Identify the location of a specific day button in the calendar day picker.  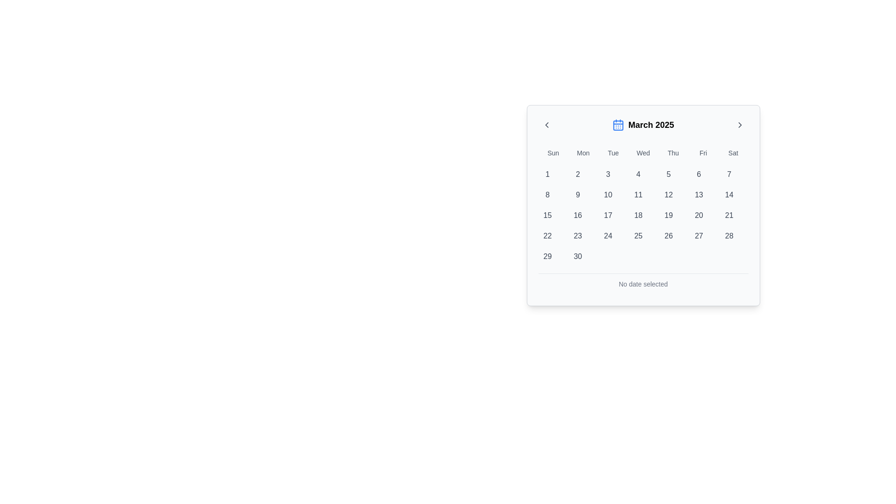
(643, 216).